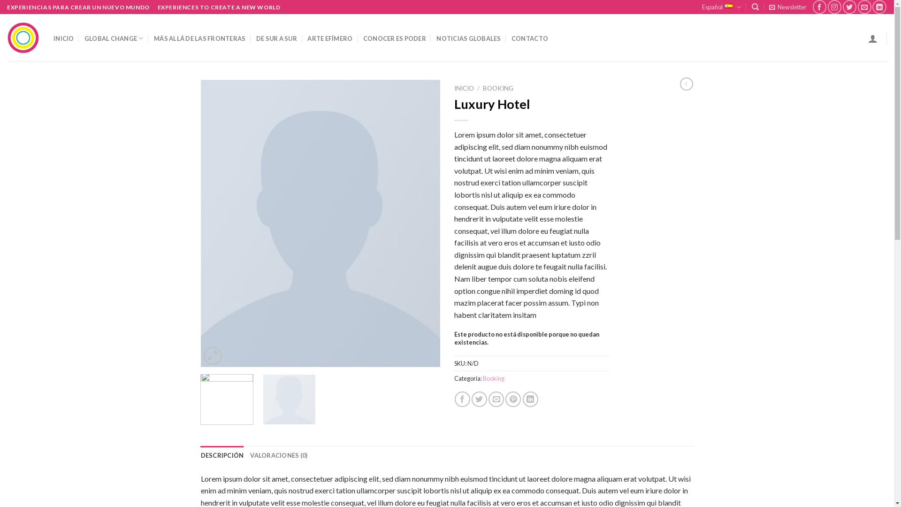  What do you see at coordinates (464, 88) in the screenshot?
I see `'INICIO'` at bounding box center [464, 88].